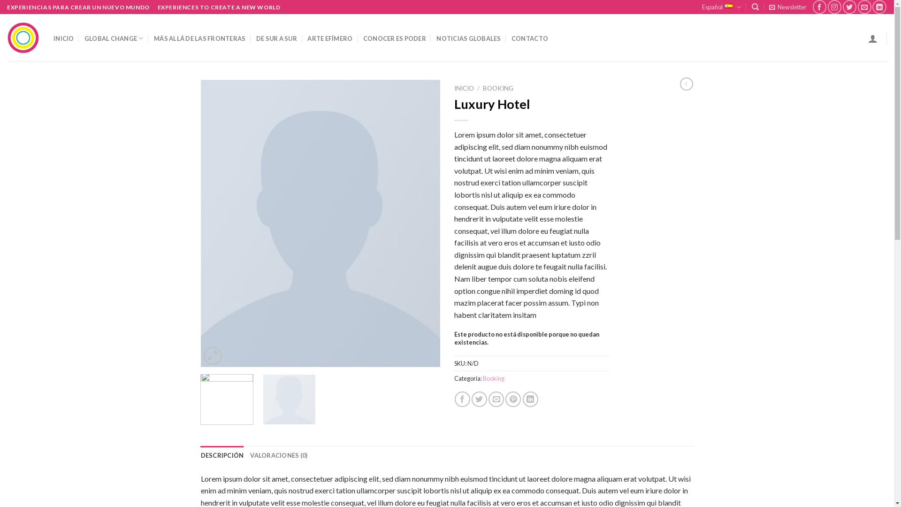  What do you see at coordinates (464, 88) in the screenshot?
I see `'INICIO'` at bounding box center [464, 88].